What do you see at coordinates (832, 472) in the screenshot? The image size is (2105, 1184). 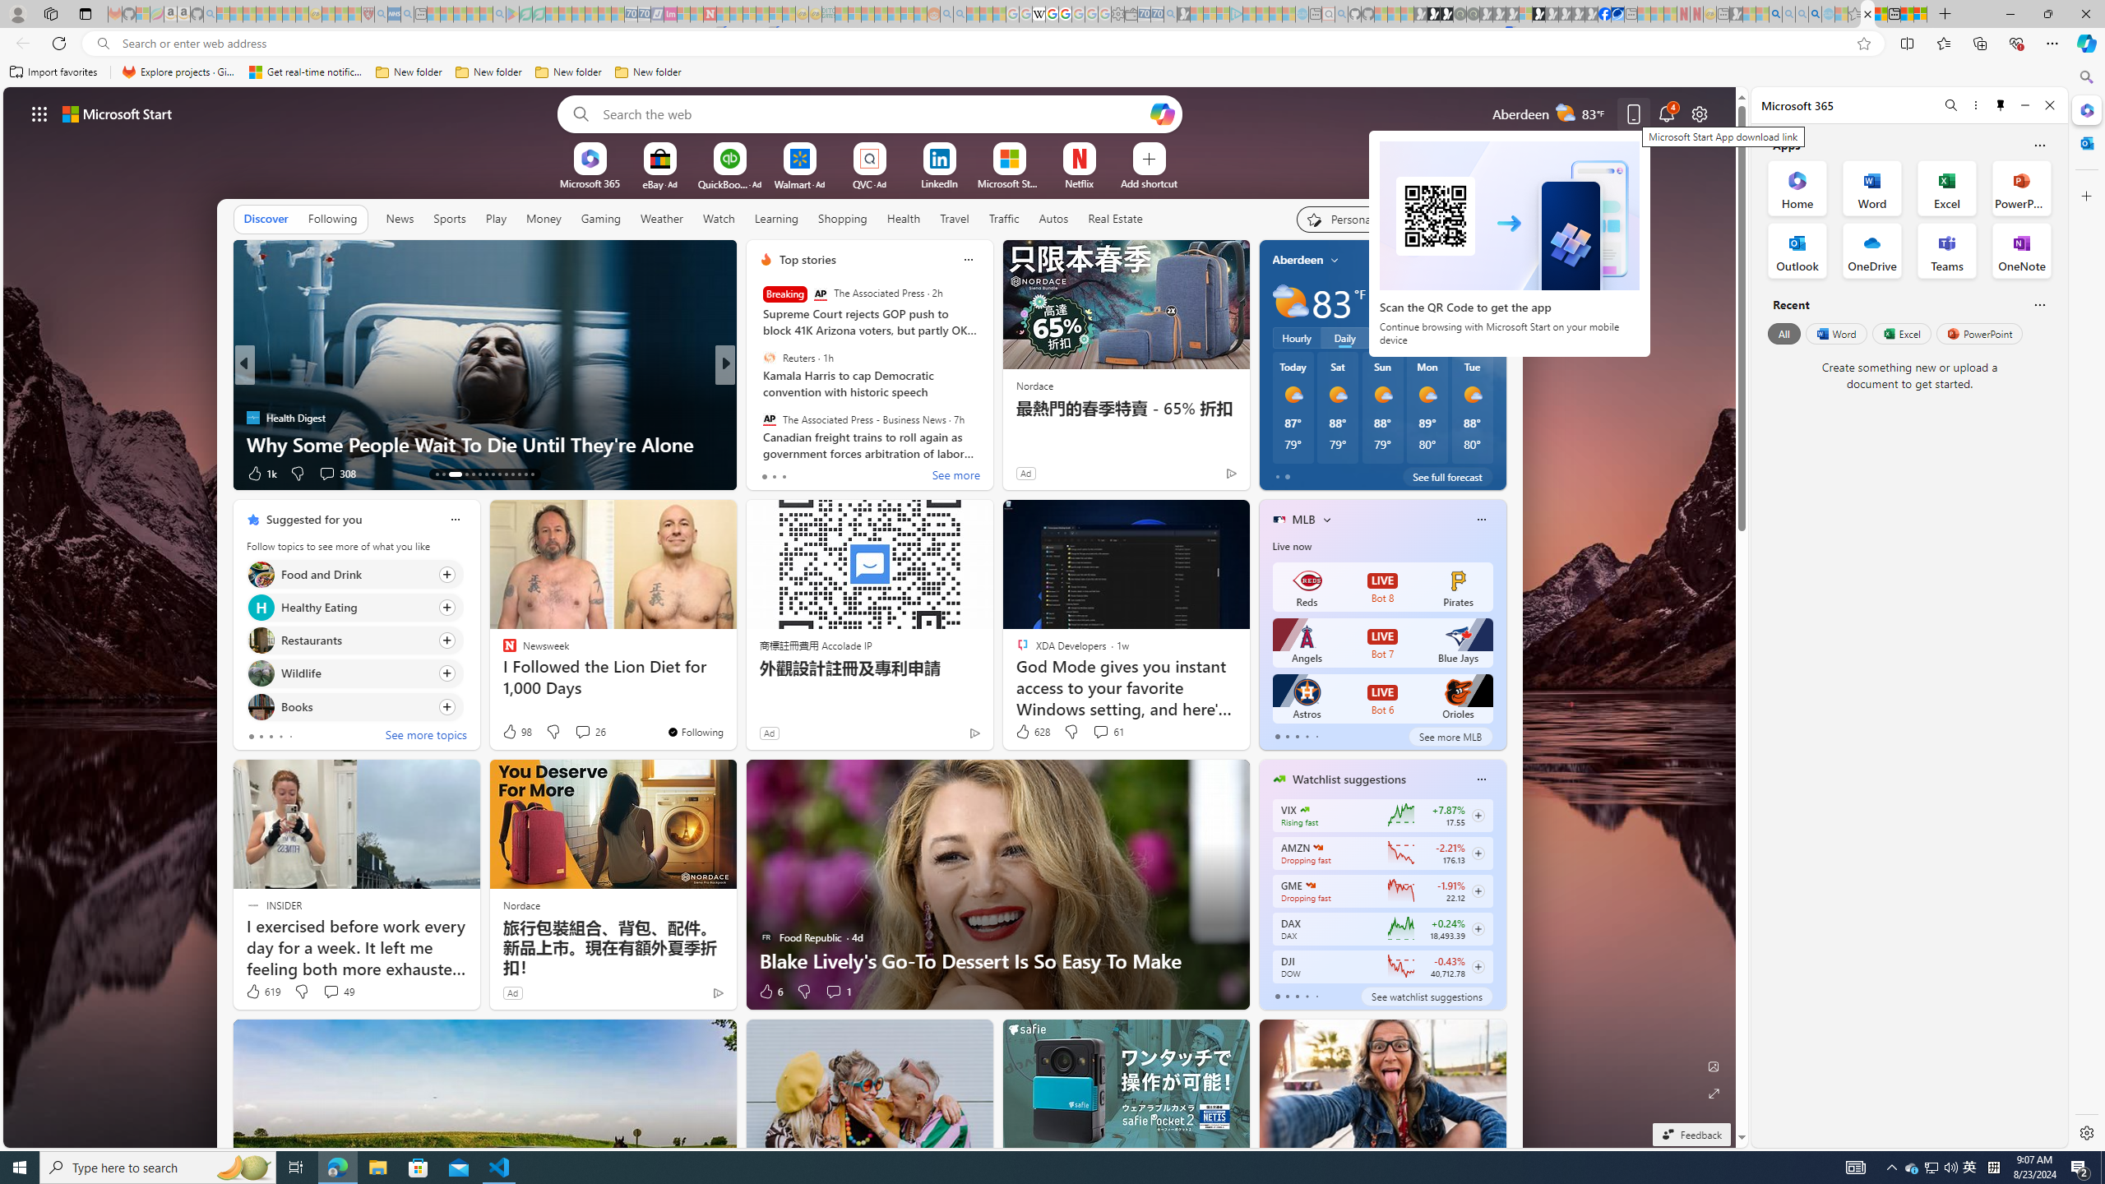 I see `'View comments 3 Comment'` at bounding box center [832, 472].